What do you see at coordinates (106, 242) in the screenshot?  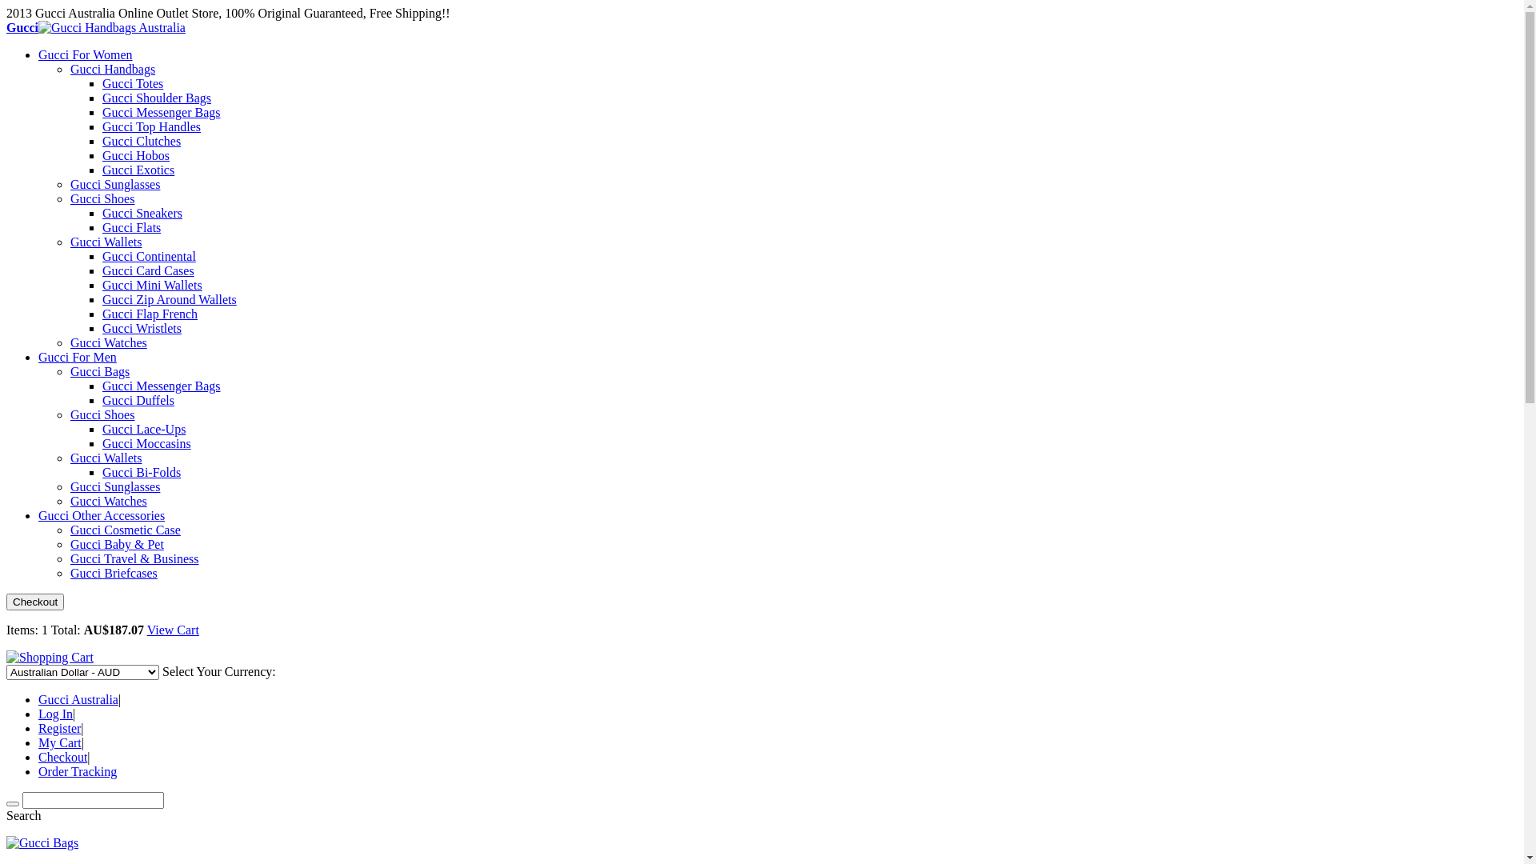 I see `'Gucci Wallets'` at bounding box center [106, 242].